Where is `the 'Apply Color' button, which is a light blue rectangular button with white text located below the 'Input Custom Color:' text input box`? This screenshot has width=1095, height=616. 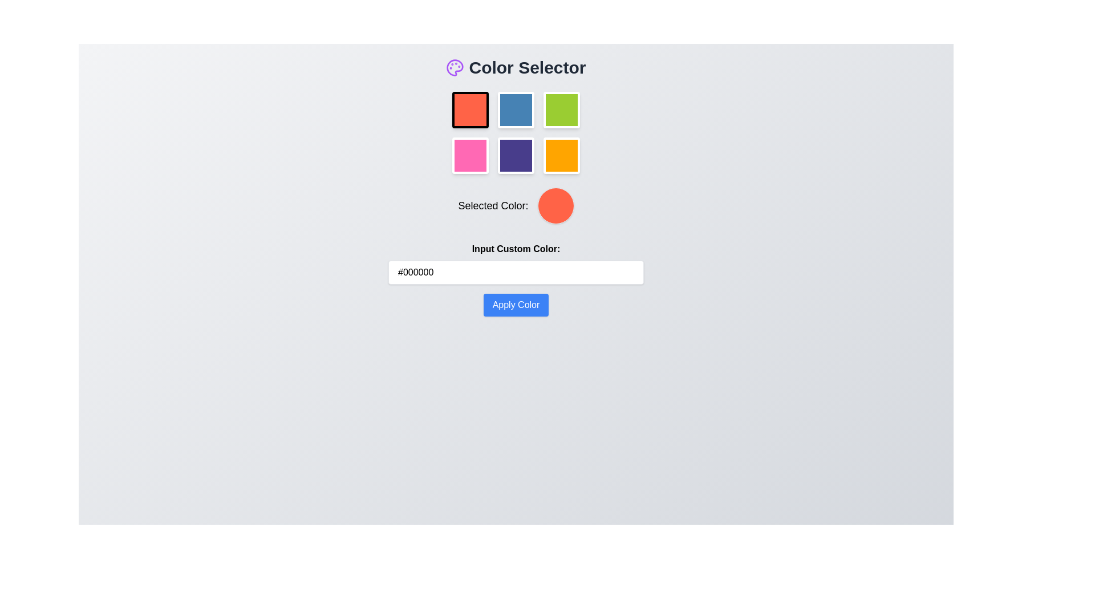 the 'Apply Color' button, which is a light blue rectangular button with white text located below the 'Input Custom Color:' text input box is located at coordinates (515, 305).